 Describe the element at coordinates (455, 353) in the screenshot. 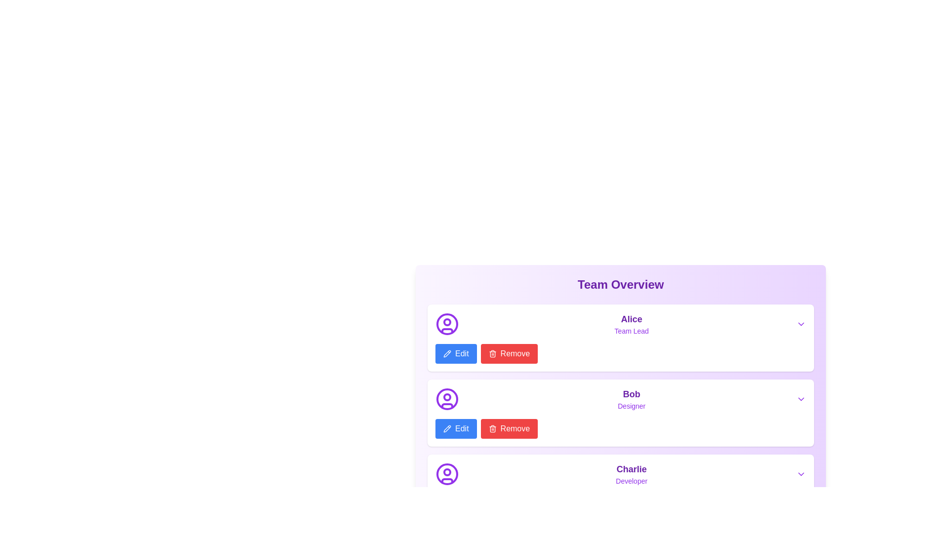

I see `the blue rectangular button labeled 'Edit' with a white pencil icon to initiate the edit action for user 'Alice'` at that location.